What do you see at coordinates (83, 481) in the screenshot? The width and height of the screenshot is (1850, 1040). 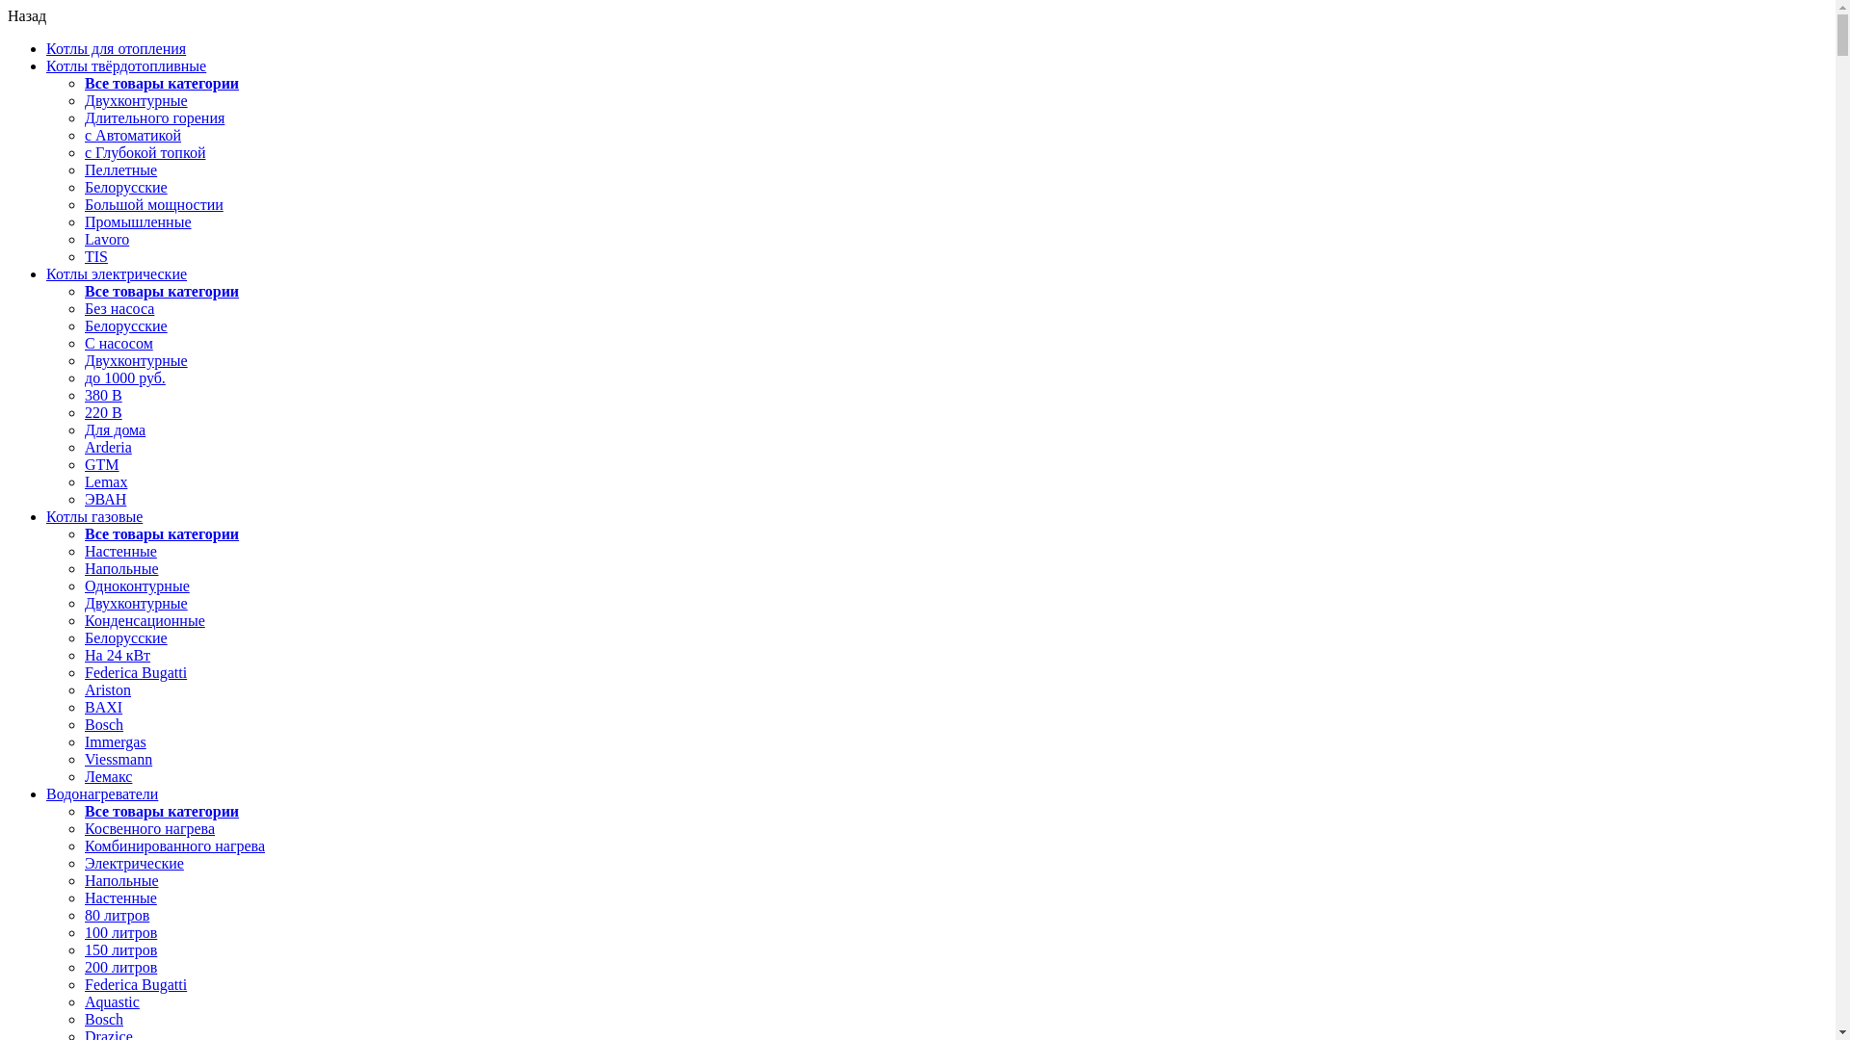 I see `'Lemax'` at bounding box center [83, 481].